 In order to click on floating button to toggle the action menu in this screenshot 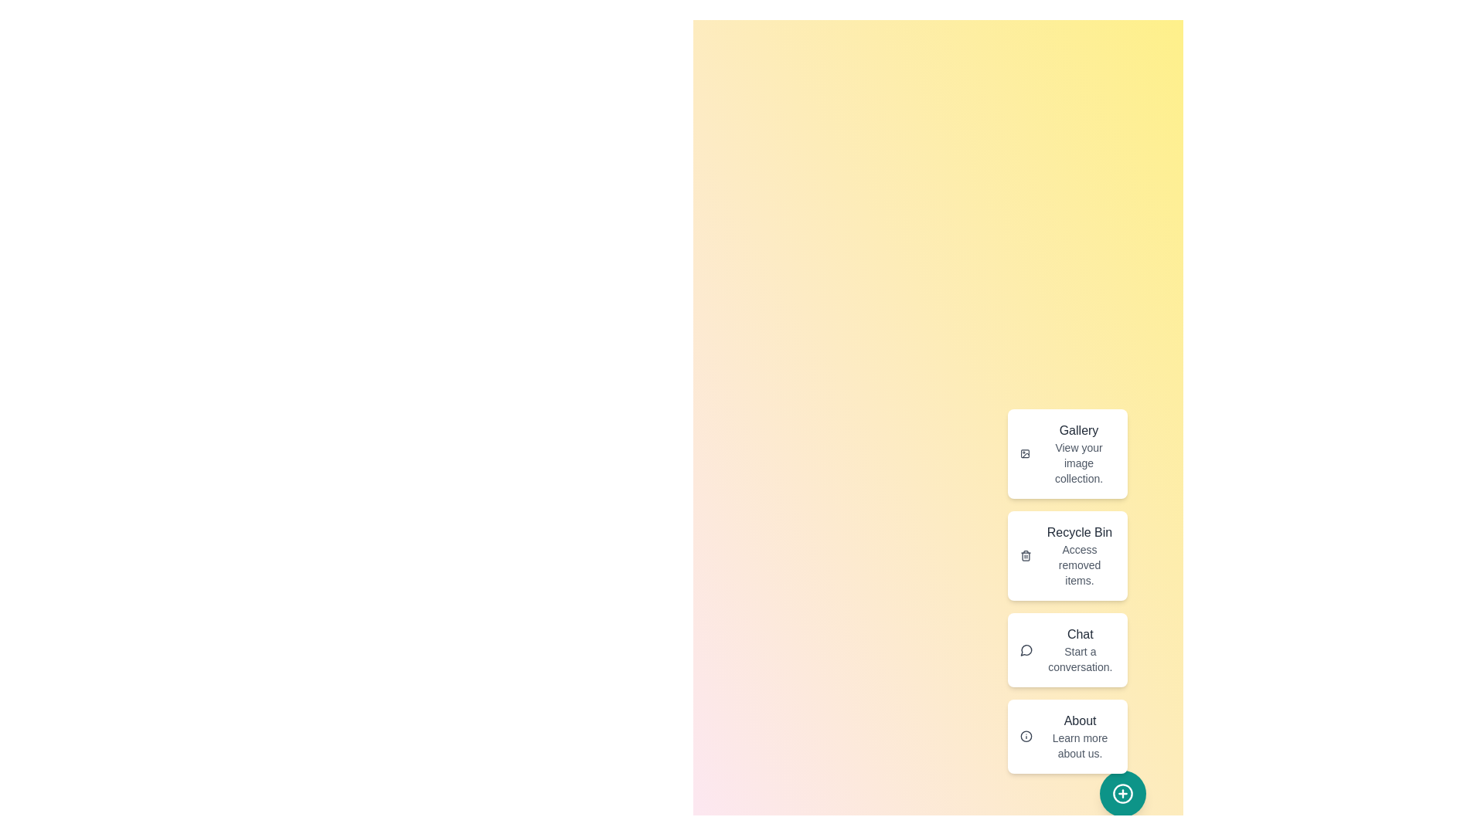, I will do `click(1123, 794)`.